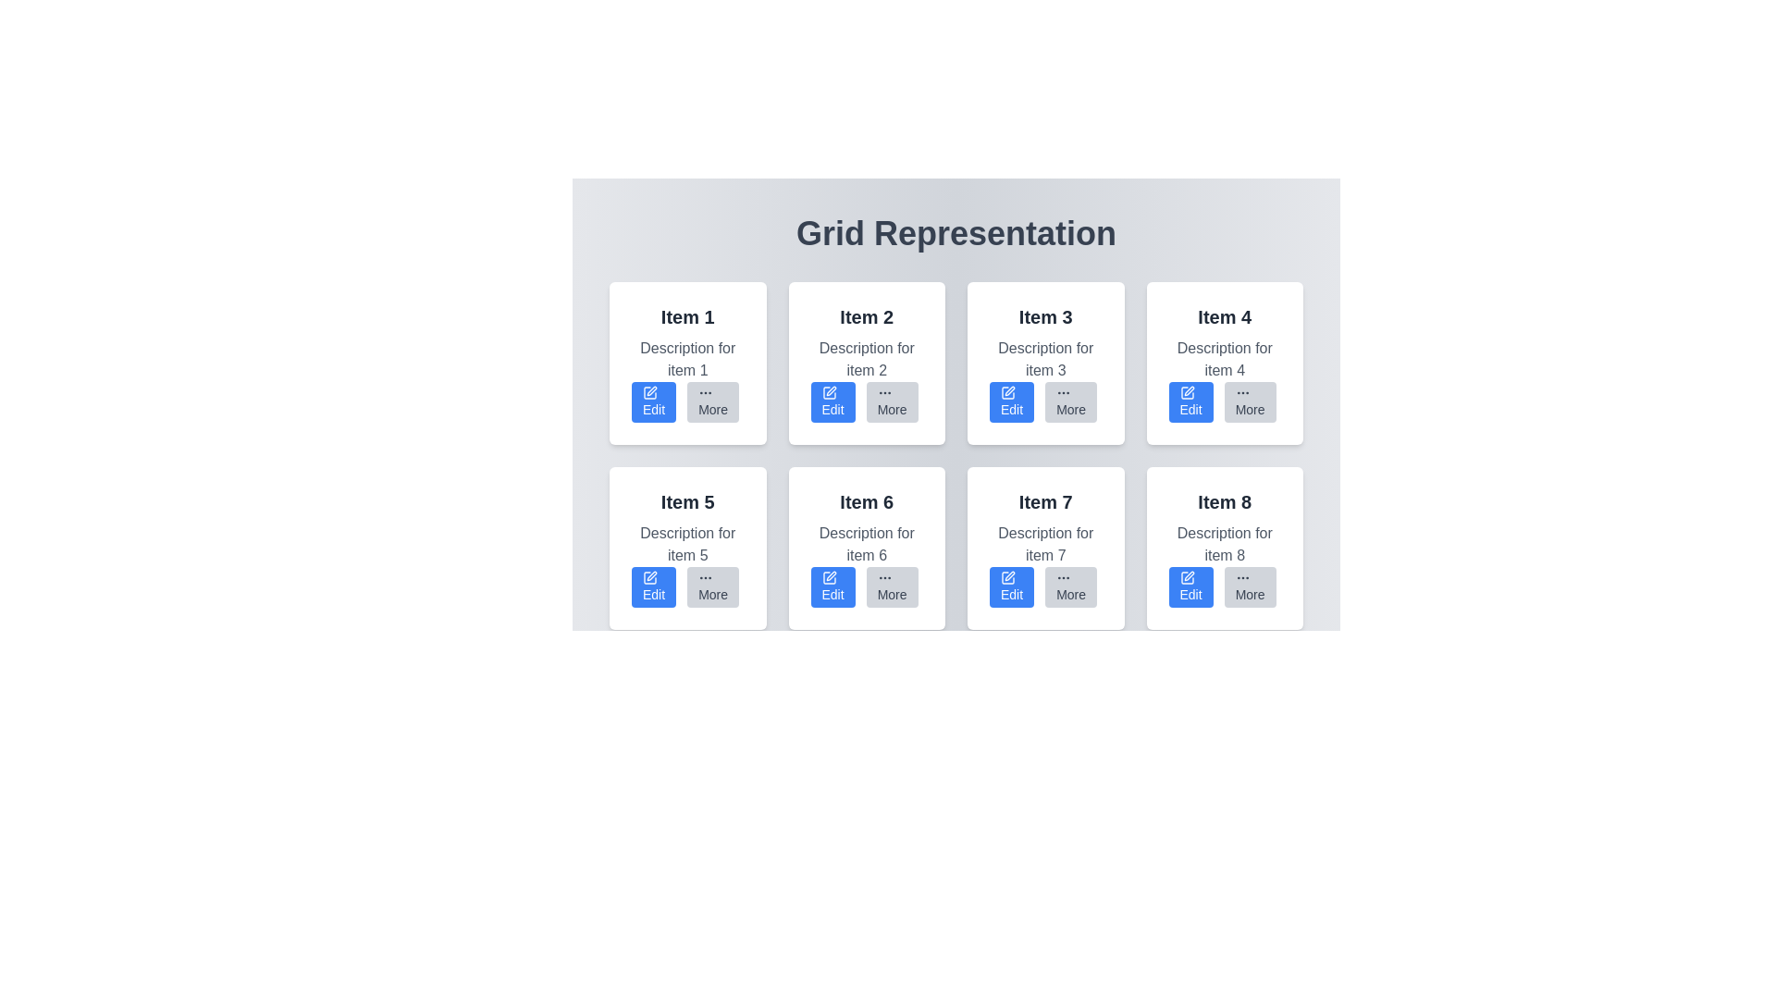 This screenshot has width=1776, height=999. I want to click on the text heading serving as the title for the second item in the grid layout, positioned above the description text and action buttons, so click(866, 316).